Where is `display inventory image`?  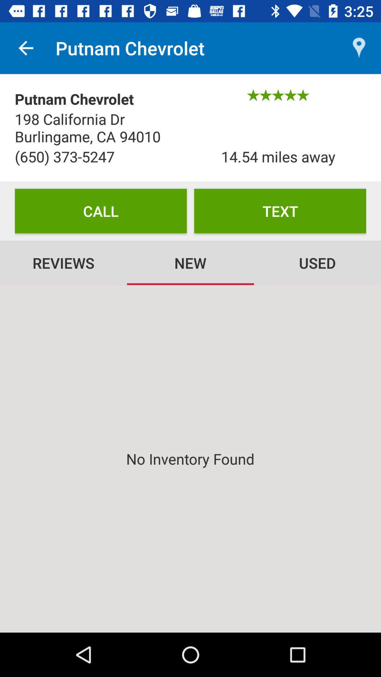
display inventory image is located at coordinates (190, 459).